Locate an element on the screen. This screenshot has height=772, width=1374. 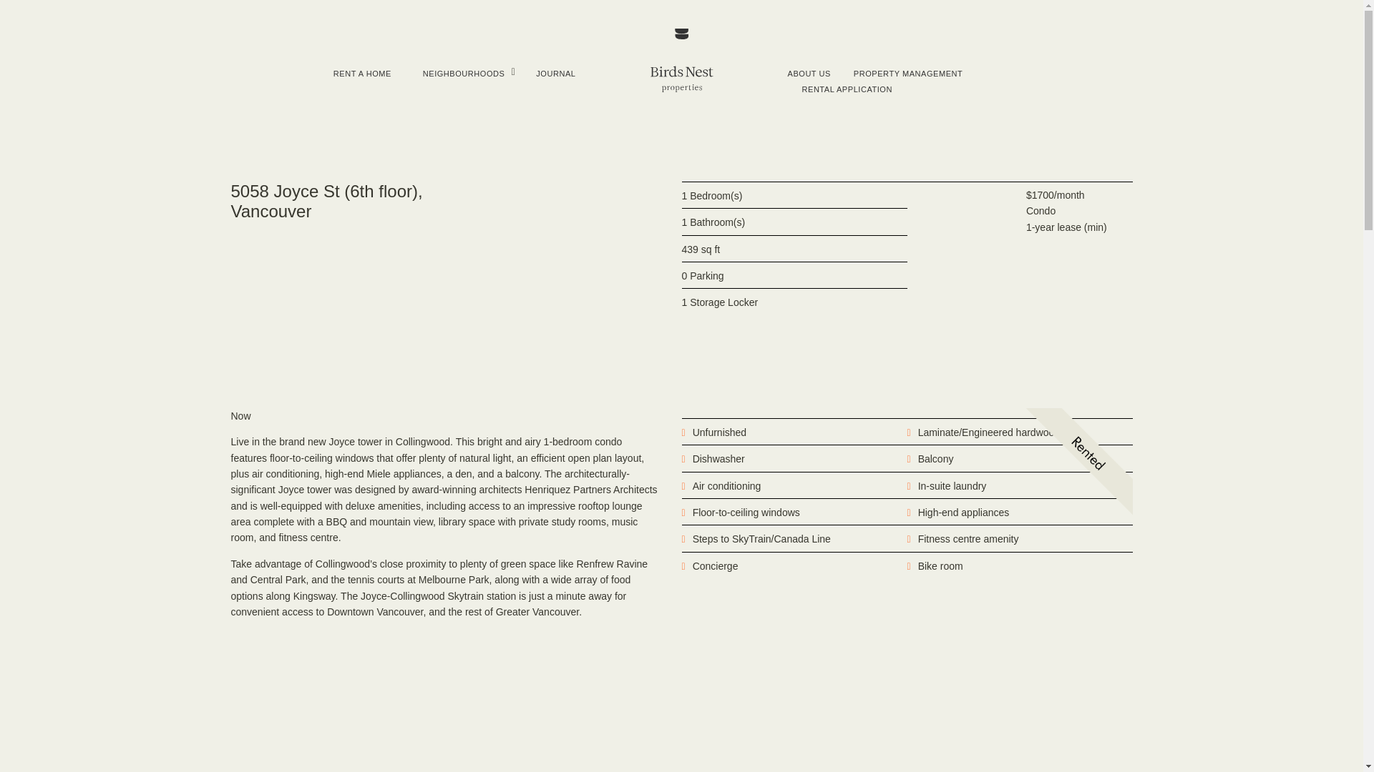
'RENT A HOME' is located at coordinates (332, 74).